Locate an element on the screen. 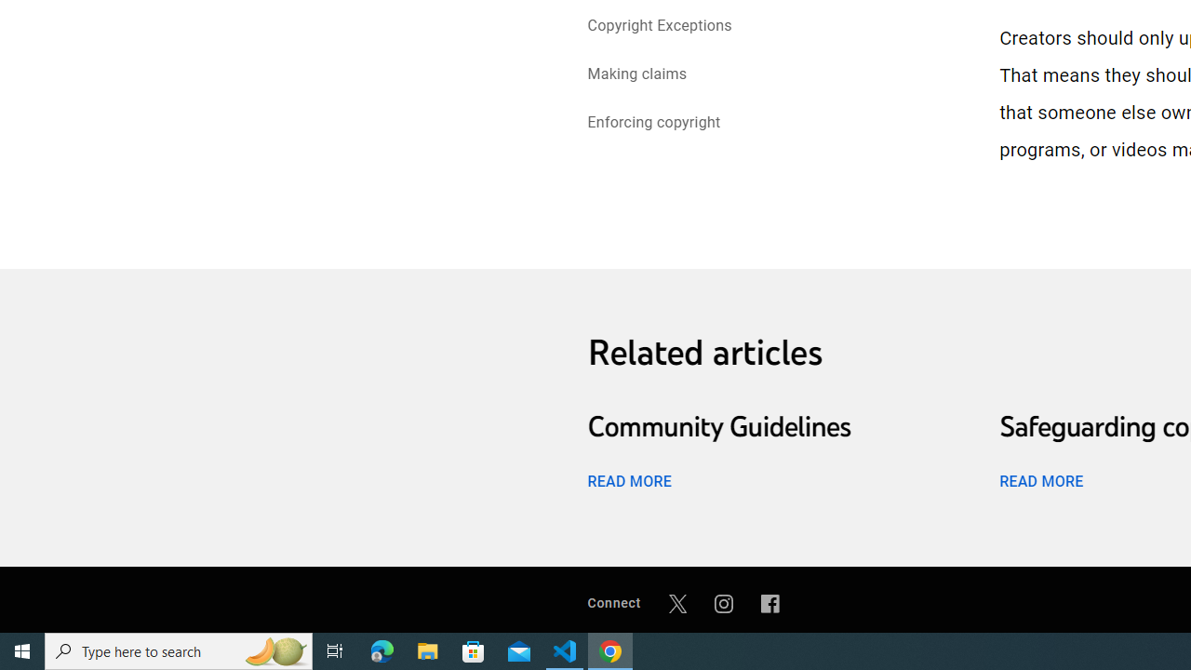 The image size is (1191, 670). 'Facebook' is located at coordinates (770, 603).